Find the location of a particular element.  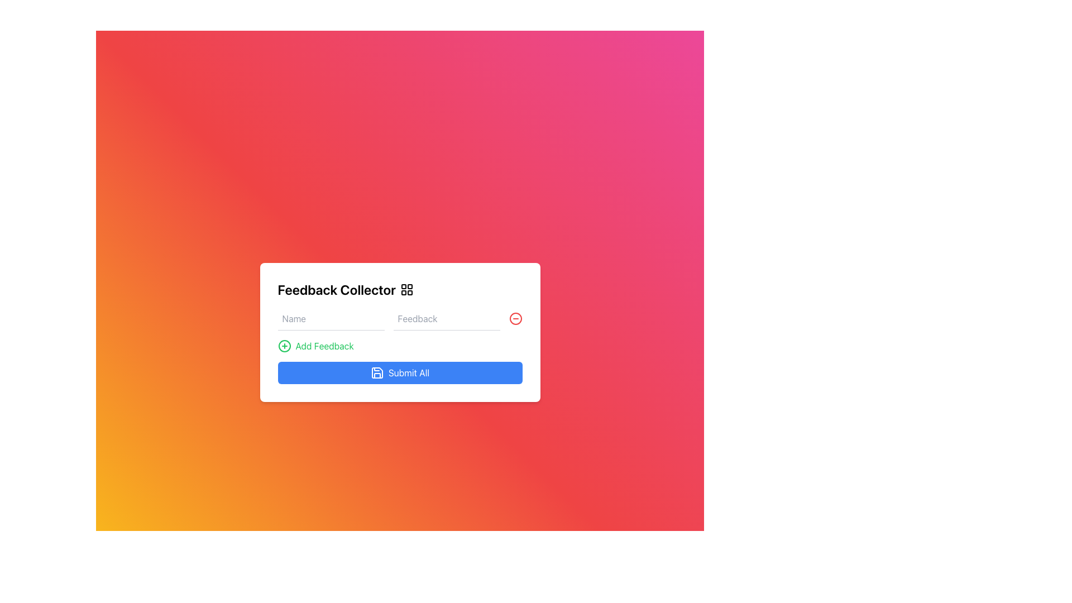

the visual representation of the main circular SVG element, which is styled as a plain vector shape with thin stroke lines is located at coordinates (284, 345).